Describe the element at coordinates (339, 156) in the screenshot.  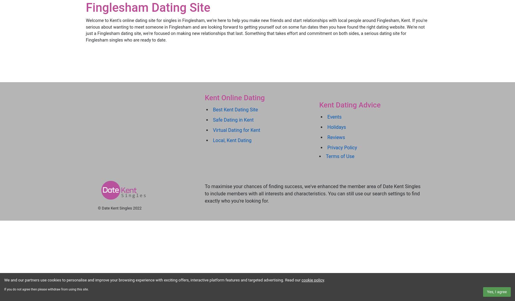
I see `'Terms of Use'` at that location.